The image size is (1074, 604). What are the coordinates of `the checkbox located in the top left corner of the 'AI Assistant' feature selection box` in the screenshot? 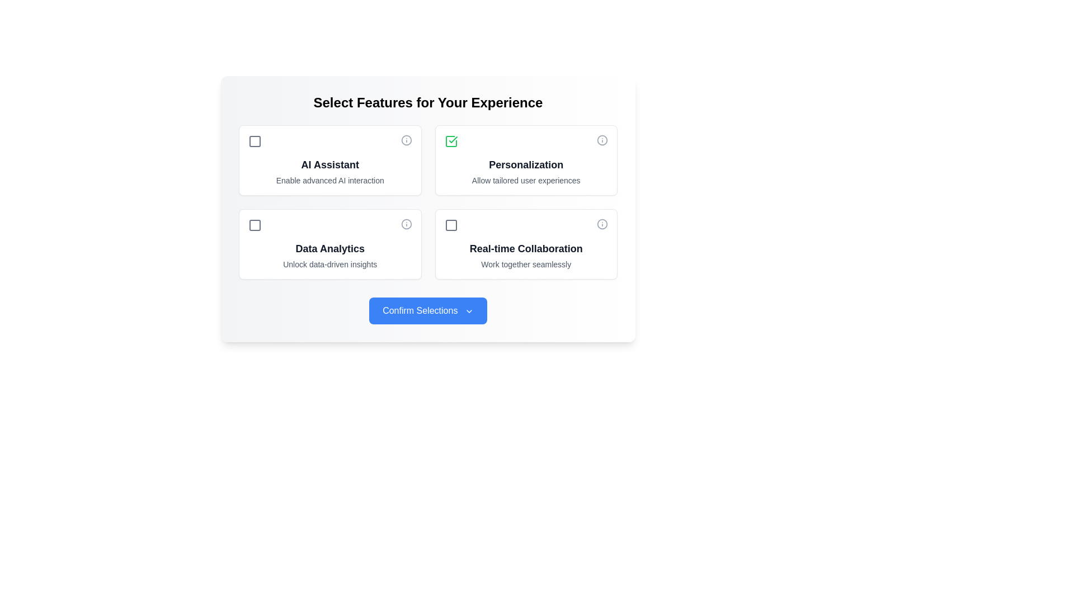 It's located at (255, 141).